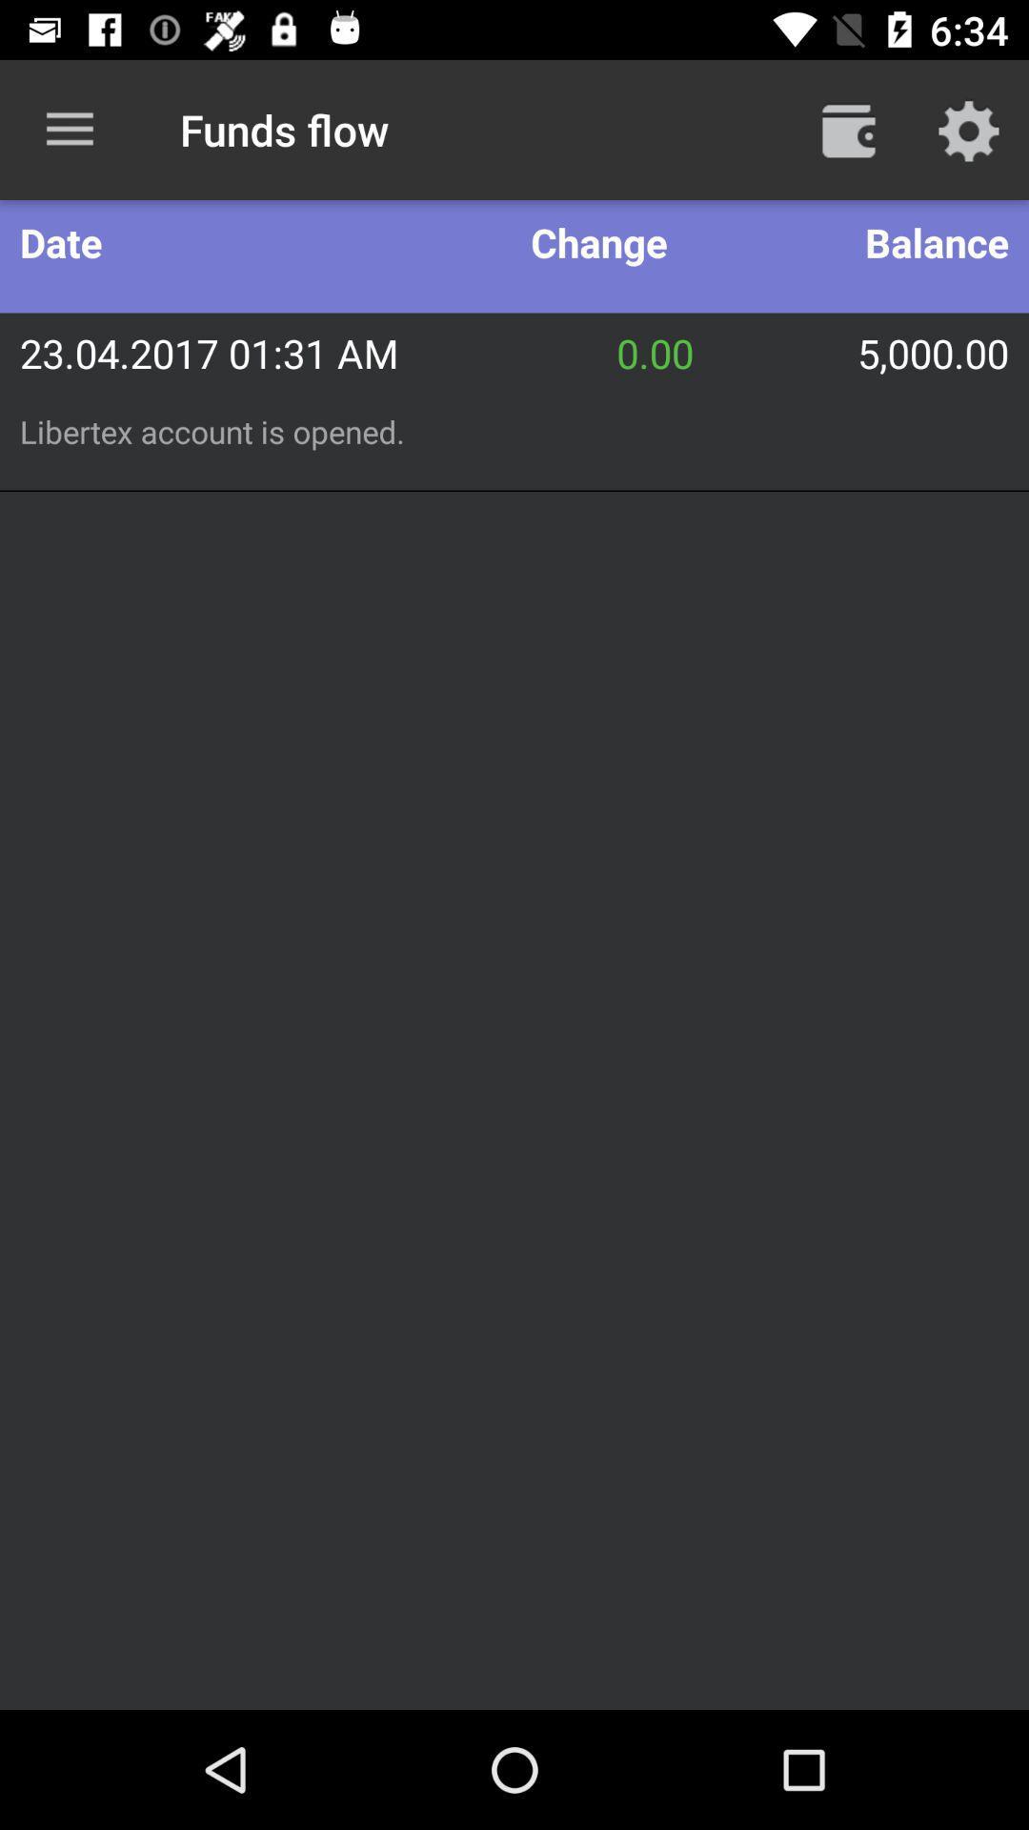 The image size is (1029, 1830). What do you see at coordinates (848, 129) in the screenshot?
I see `item next to funds flow` at bounding box center [848, 129].